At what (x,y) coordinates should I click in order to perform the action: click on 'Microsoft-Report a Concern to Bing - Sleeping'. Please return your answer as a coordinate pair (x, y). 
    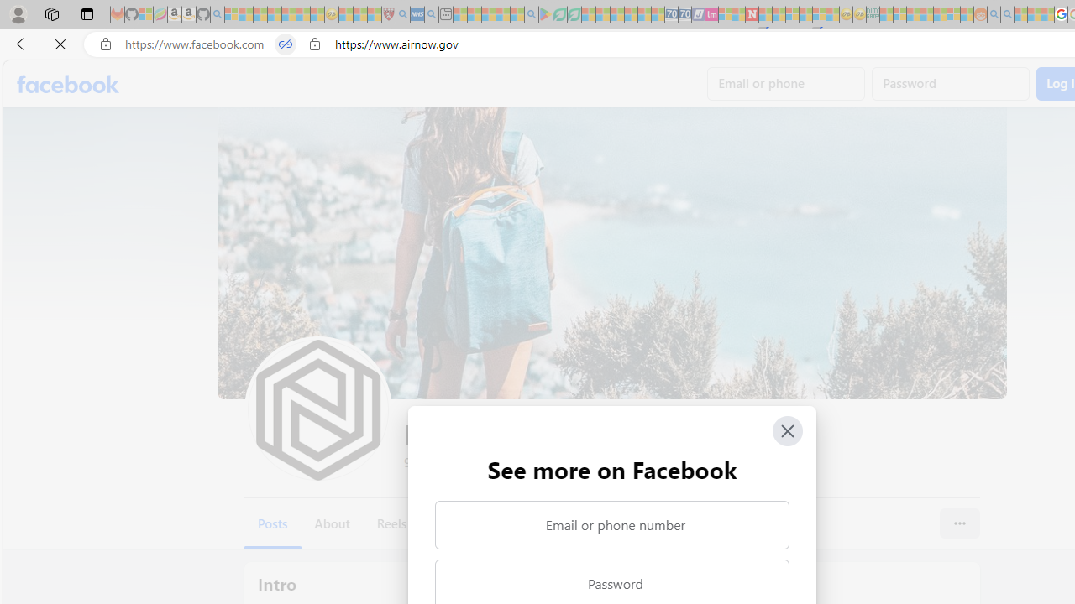
    Looking at the image, I should click on (146, 14).